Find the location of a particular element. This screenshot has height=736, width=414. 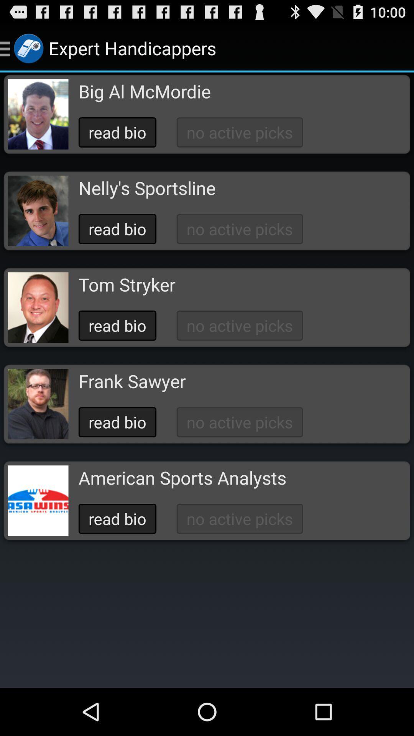

the icon below expert handicappers icon is located at coordinates (145, 91).